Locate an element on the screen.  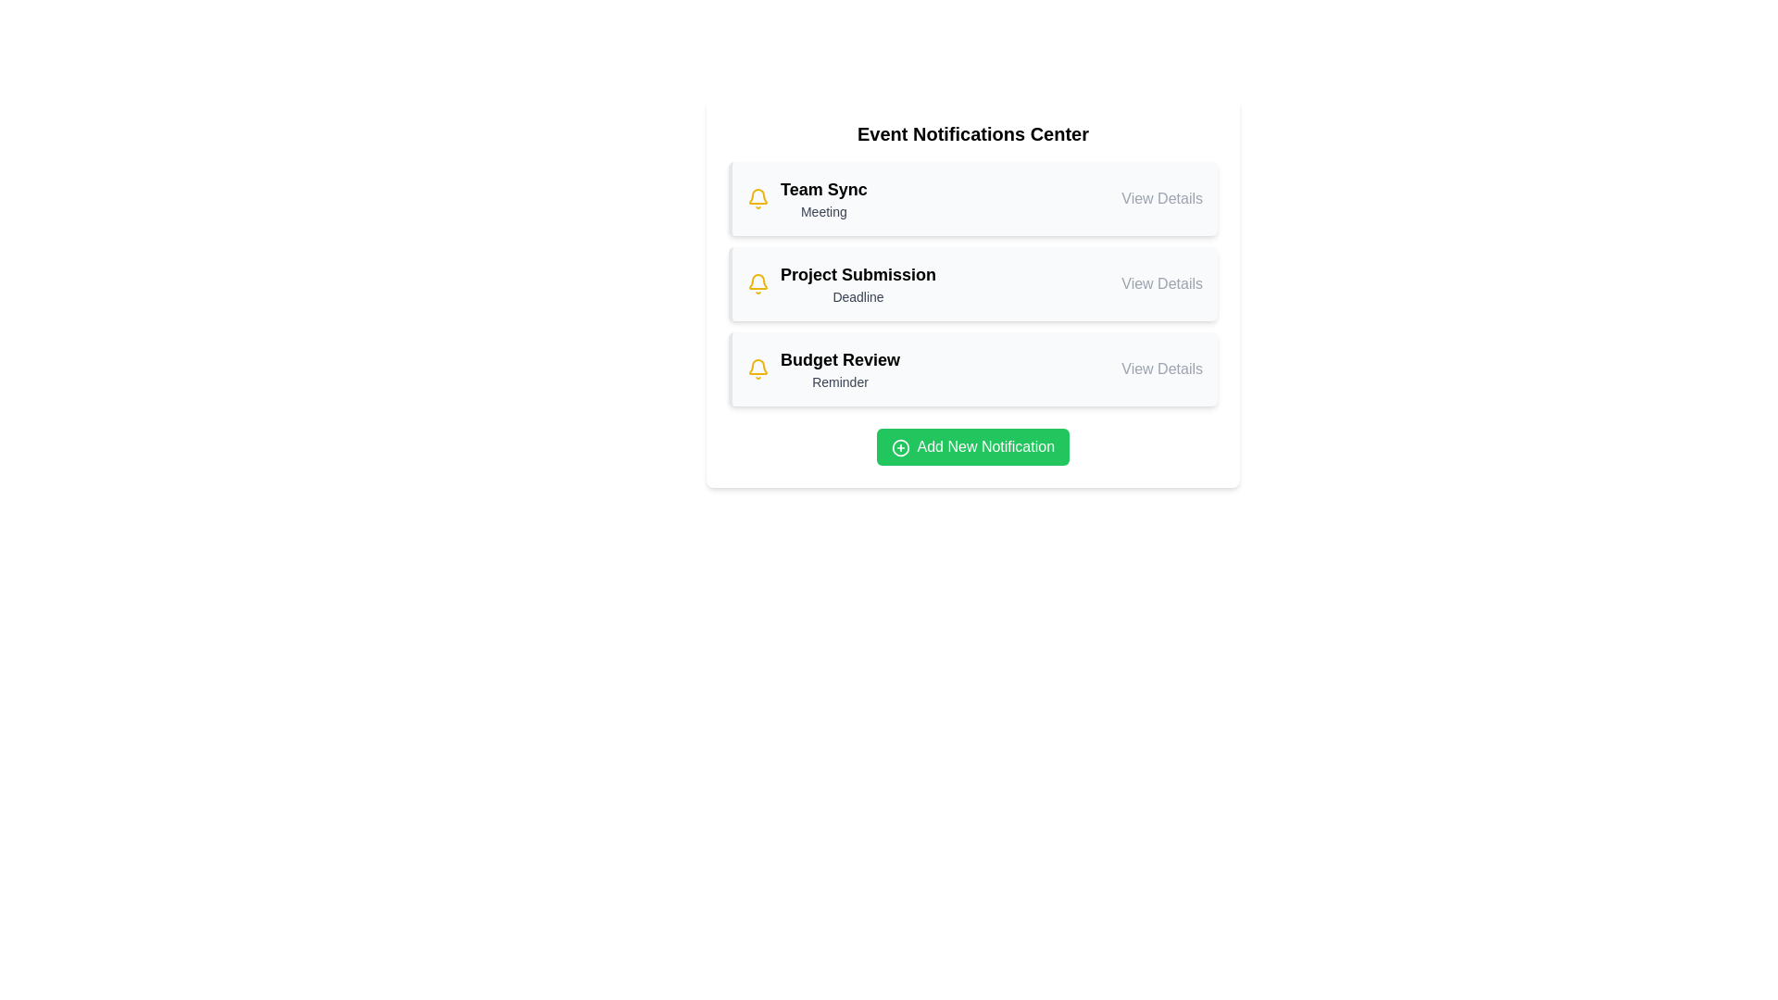
text of the 'Budget Review' notification title located at the top of the third card in a vertical list within a panel is located at coordinates (839, 360).